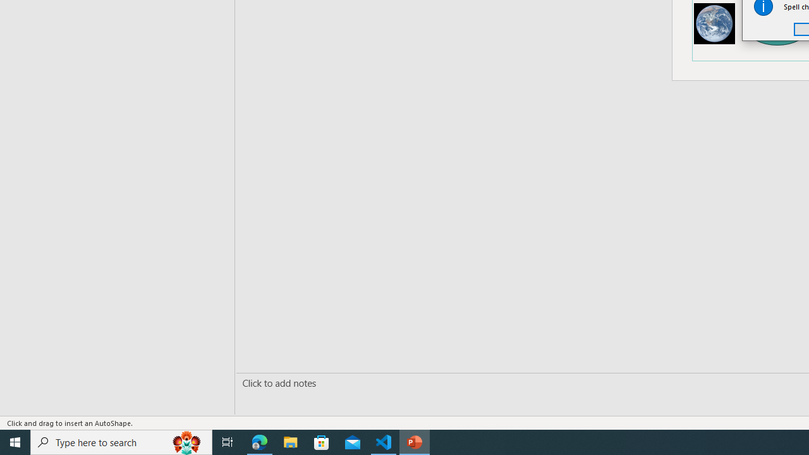  I want to click on 'Search highlights icon opens search home window', so click(186, 441).